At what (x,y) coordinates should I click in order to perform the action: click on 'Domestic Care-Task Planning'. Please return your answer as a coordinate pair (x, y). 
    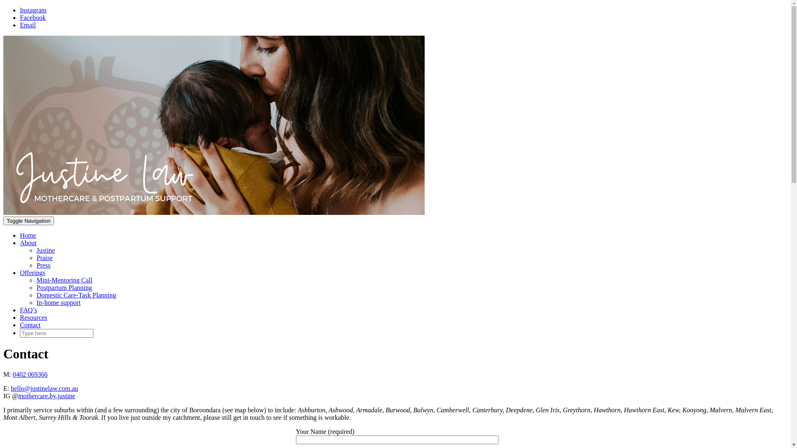
    Looking at the image, I should click on (76, 295).